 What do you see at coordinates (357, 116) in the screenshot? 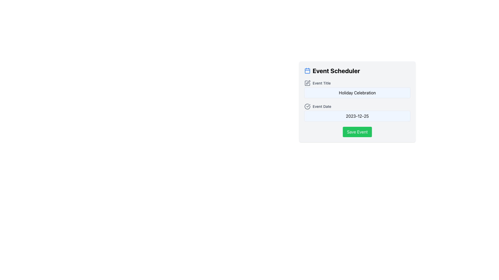
I see `the static display element that shows the date '2023-12-25', located beneath the 'Event Date' label in the 'Event Scheduler' section` at bounding box center [357, 116].